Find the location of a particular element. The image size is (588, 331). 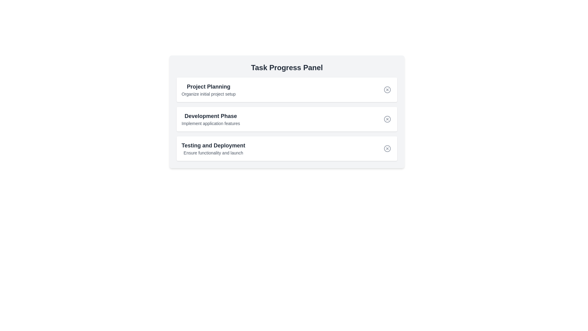

the text label that serves as the title for the 'Project Planning' task located in the top-left part of the 'Task Progress Panel' is located at coordinates (209, 86).